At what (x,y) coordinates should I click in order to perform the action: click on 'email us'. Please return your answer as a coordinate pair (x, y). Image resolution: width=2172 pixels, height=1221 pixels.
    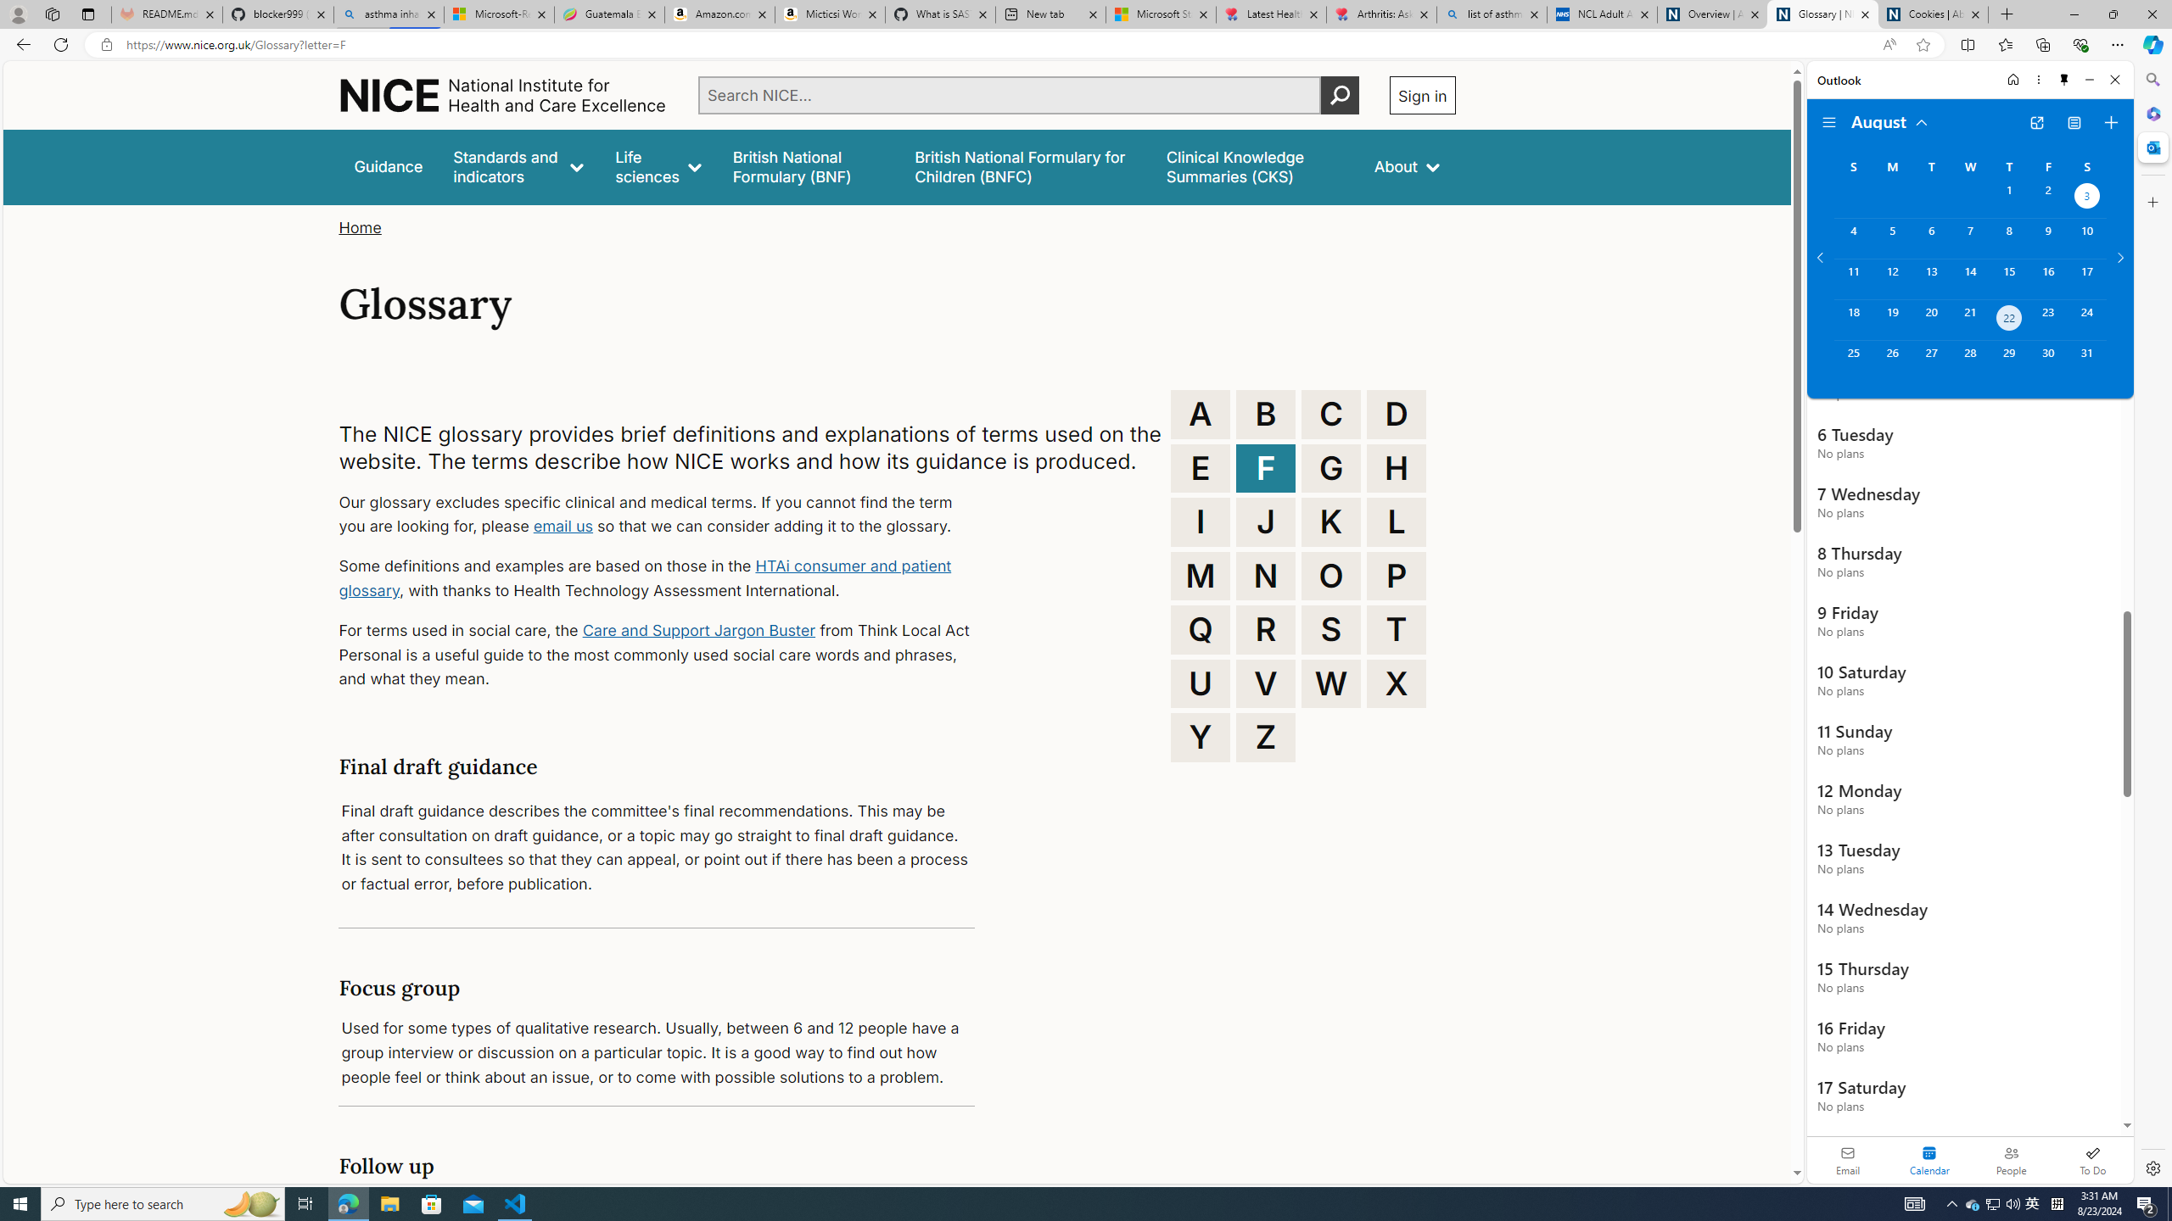
    Looking at the image, I should click on (563, 526).